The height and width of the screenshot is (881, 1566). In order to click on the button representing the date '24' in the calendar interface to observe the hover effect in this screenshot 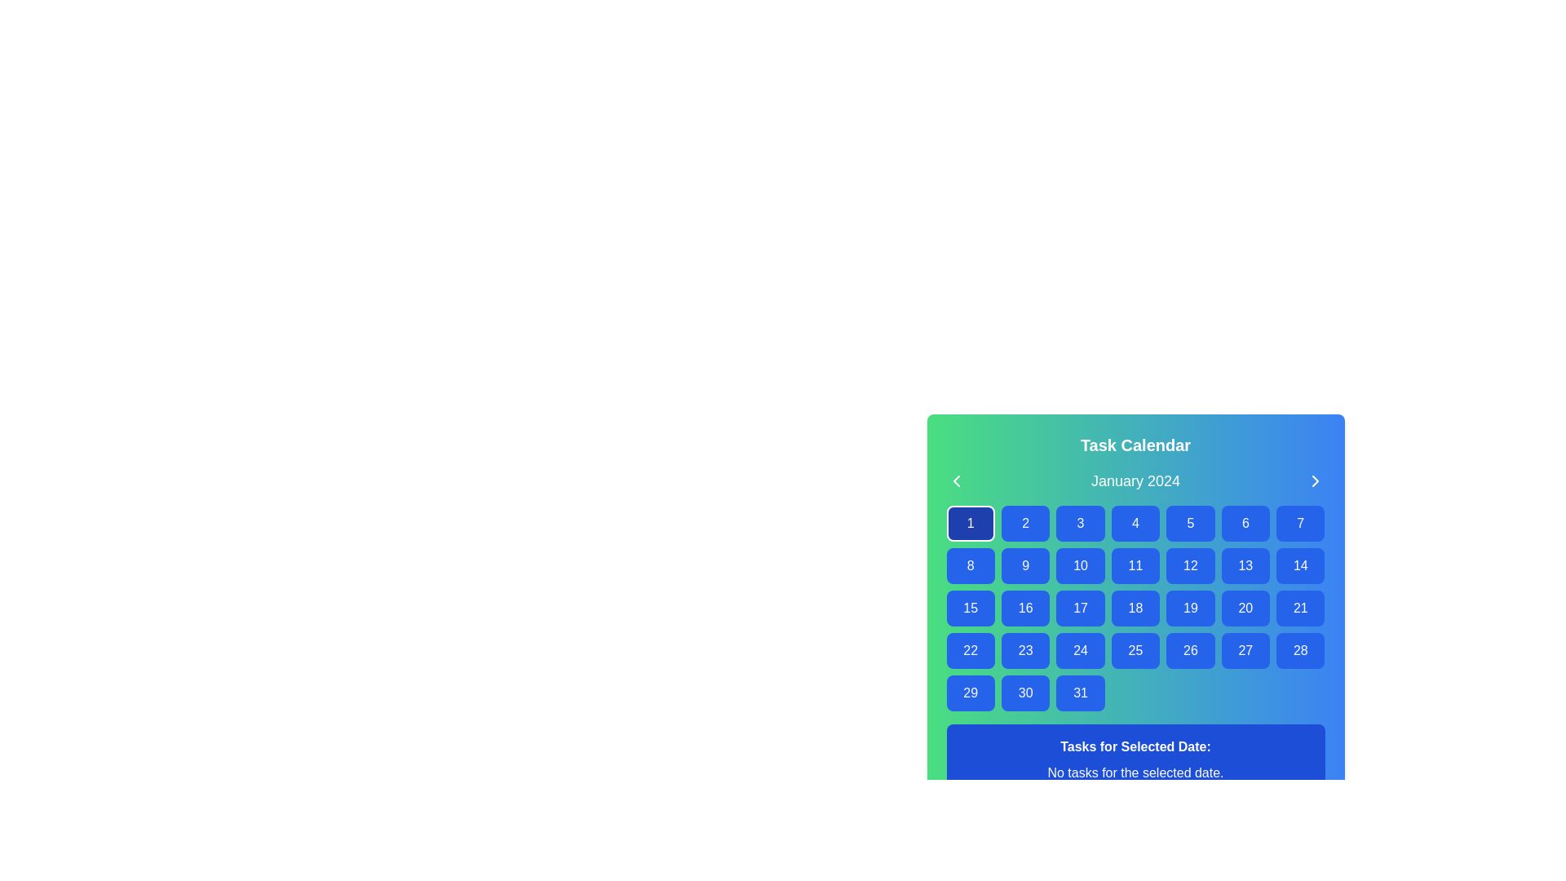, I will do `click(1080, 650)`.